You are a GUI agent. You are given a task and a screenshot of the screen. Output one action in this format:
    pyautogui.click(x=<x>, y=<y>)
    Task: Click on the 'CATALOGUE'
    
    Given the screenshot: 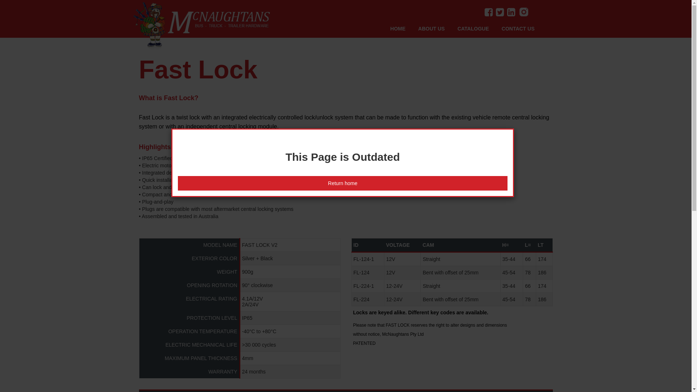 What is the action you would take?
    pyautogui.click(x=457, y=28)
    